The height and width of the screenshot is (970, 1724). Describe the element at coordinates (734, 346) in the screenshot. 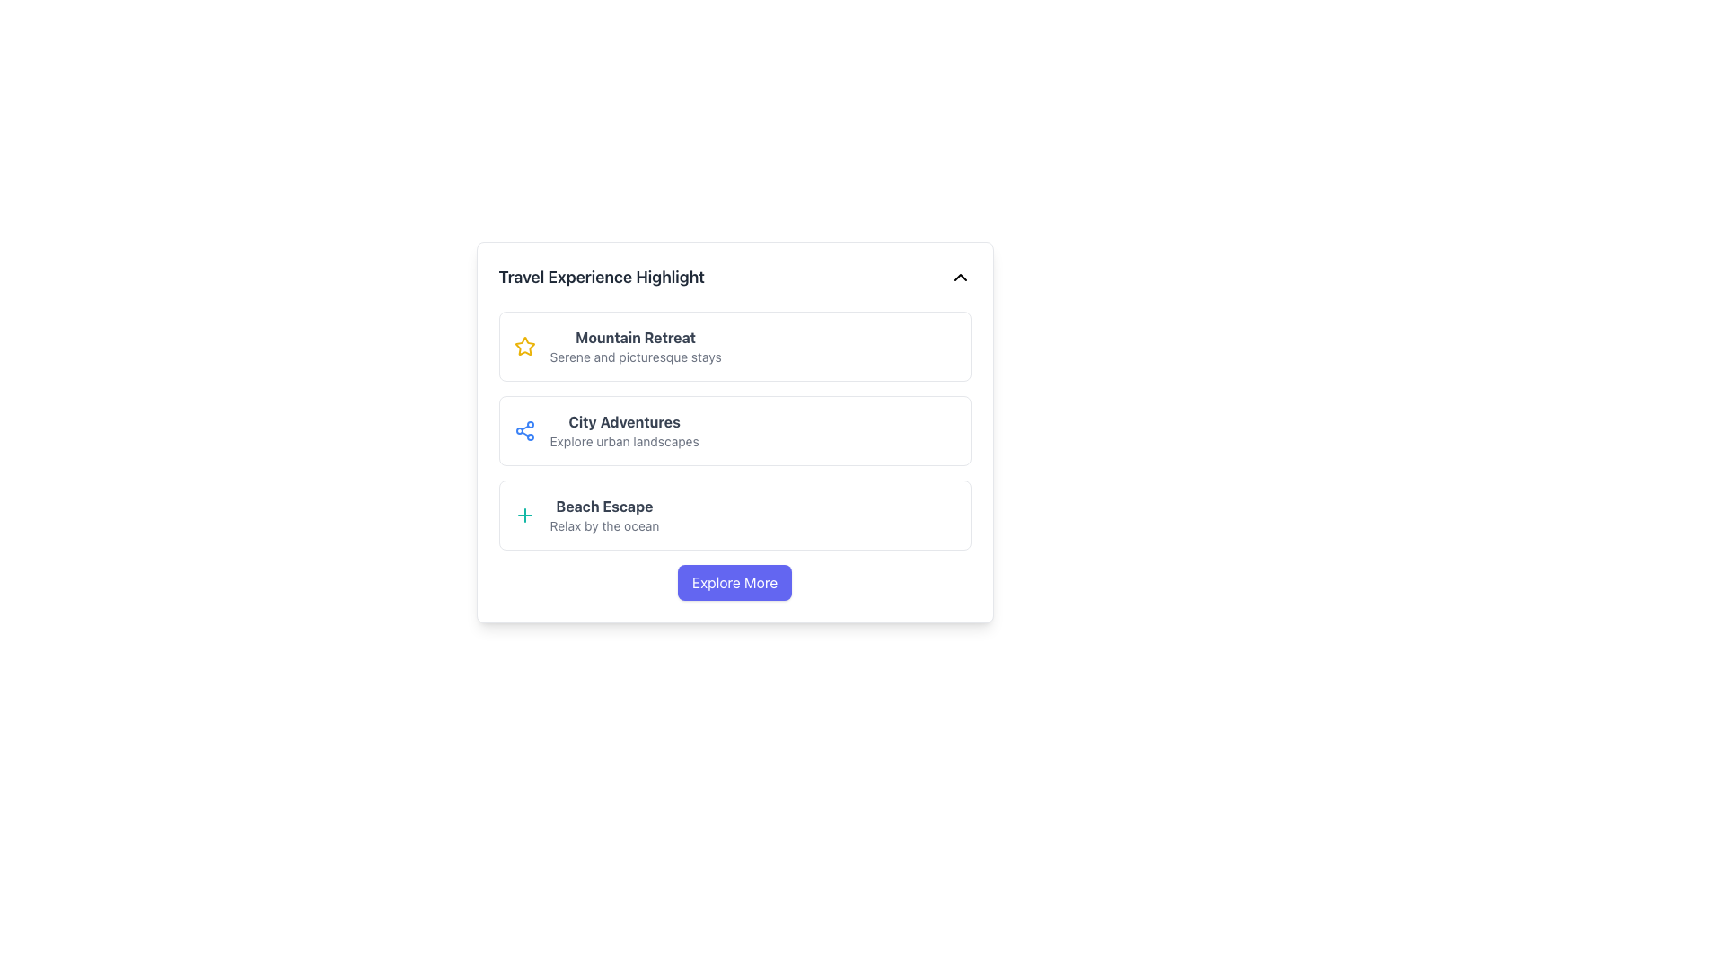

I see `the 'Mountain Retreat' card` at that location.